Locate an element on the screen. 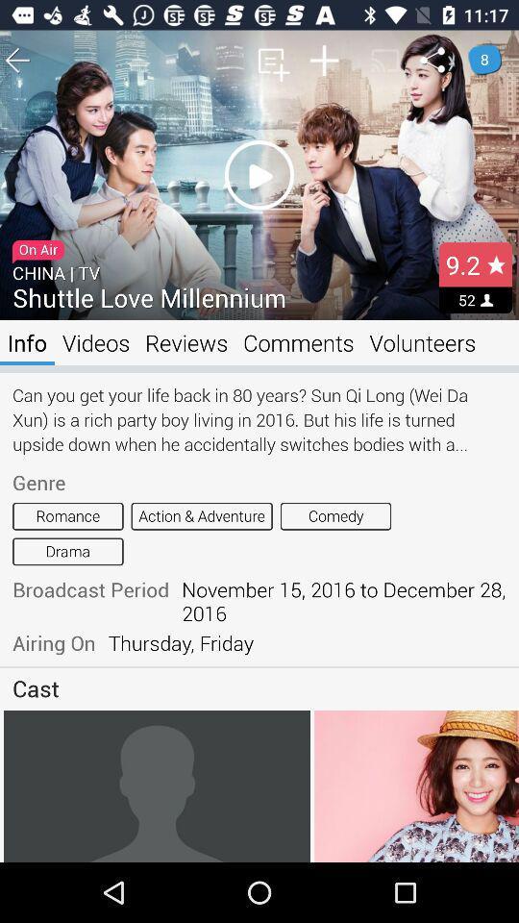 The image size is (519, 923). the arrow_backward icon is located at coordinates (16, 60).